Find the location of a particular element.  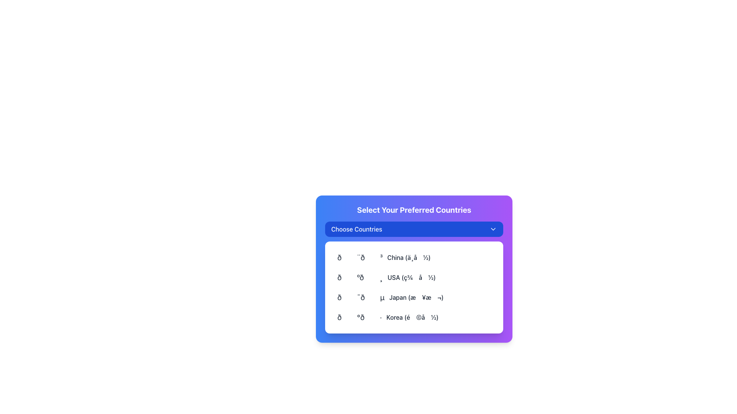

the text label that identifies the country 'Korea (é®®å½)' located in the fourth row of a dropdown panel is located at coordinates (412, 317).